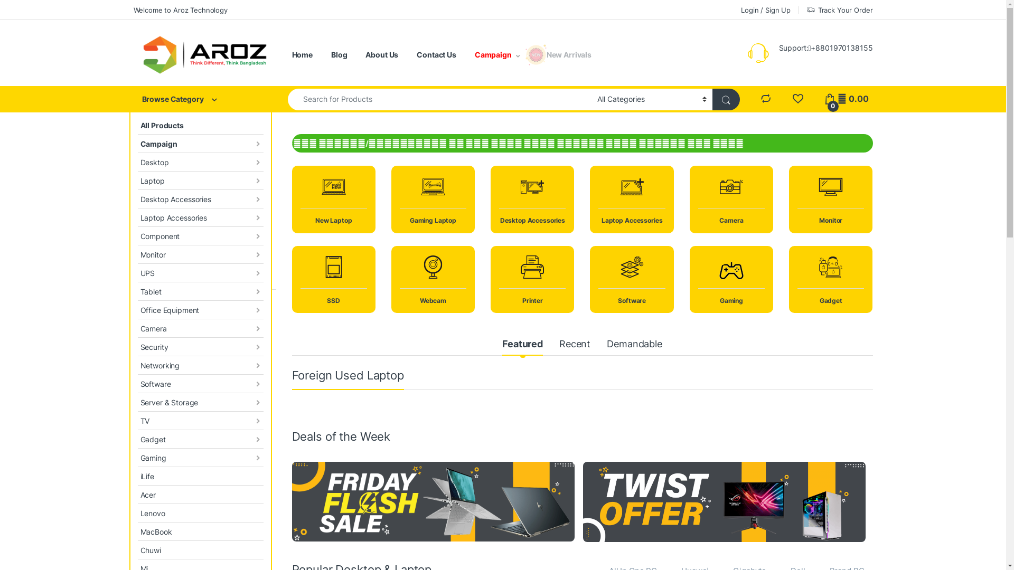  What do you see at coordinates (136, 272) in the screenshot?
I see `'UPS'` at bounding box center [136, 272].